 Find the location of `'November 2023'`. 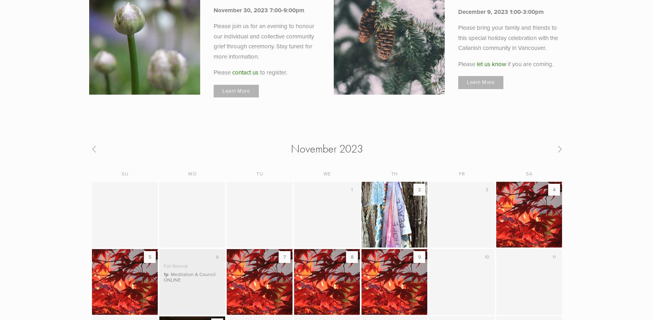

'November 2023' is located at coordinates (327, 148).